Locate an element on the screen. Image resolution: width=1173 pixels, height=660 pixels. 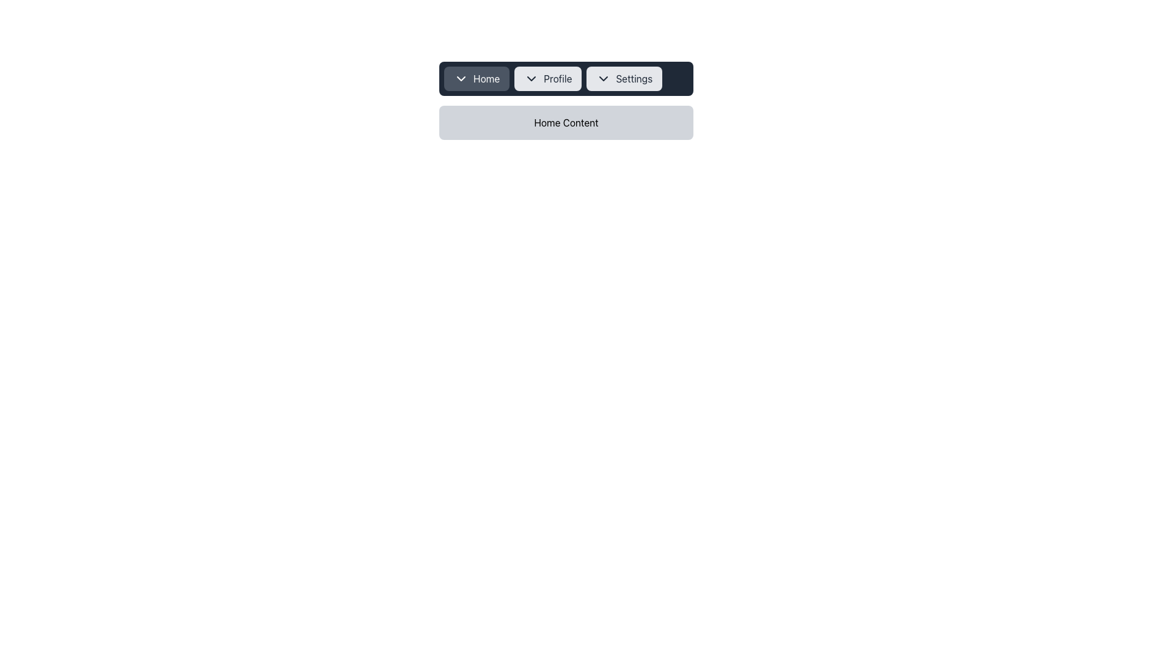
the 'Home' button in the top-left section of the navigation bar is located at coordinates (476, 78).